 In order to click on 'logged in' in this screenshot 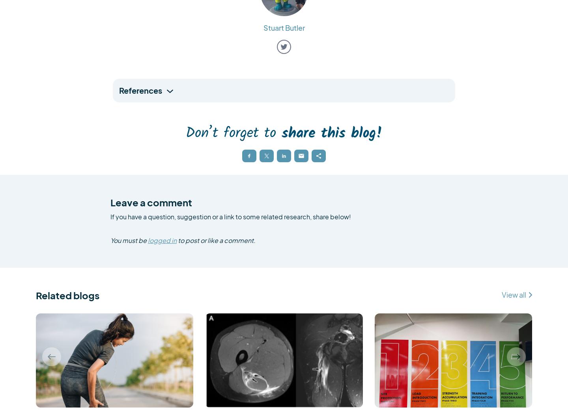, I will do `click(162, 240)`.